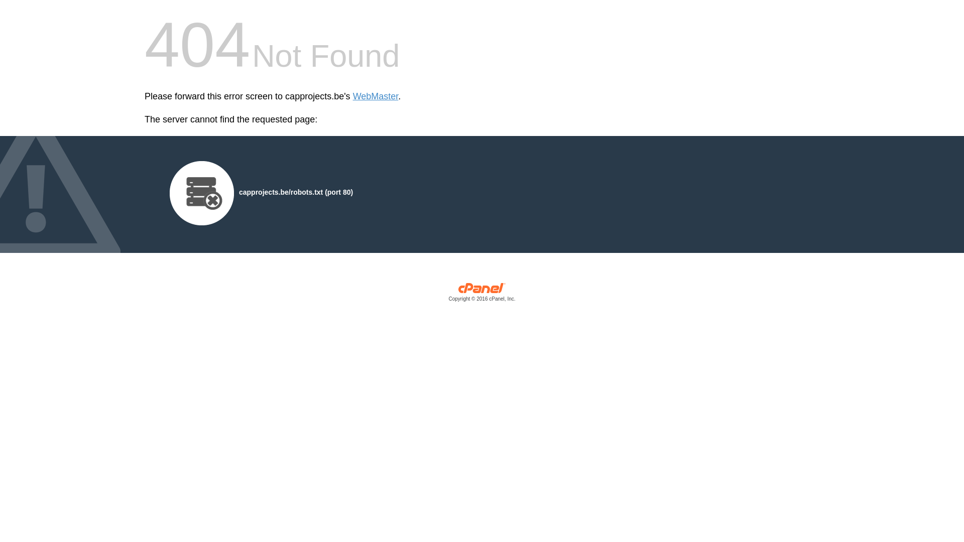 Image resolution: width=964 pixels, height=542 pixels. I want to click on 'WebMaster', so click(375, 96).